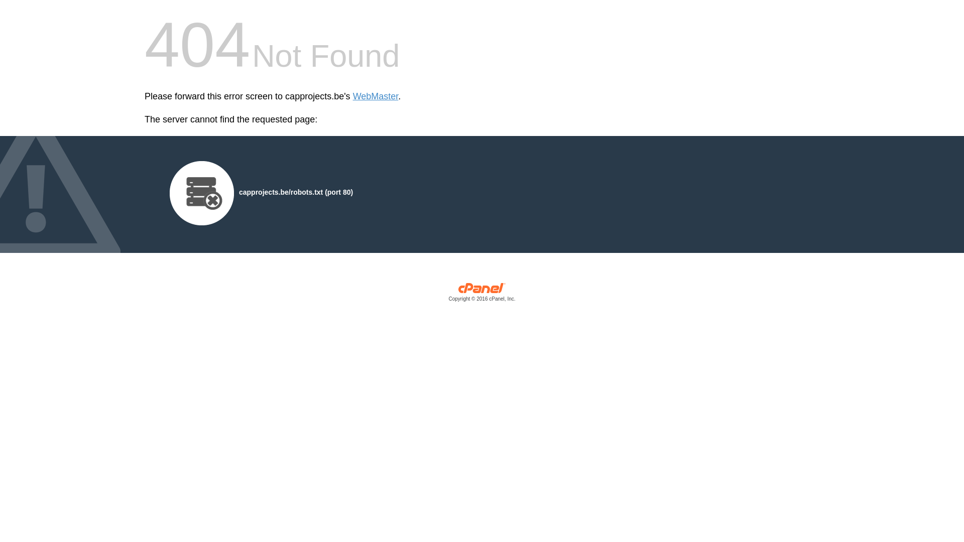 Image resolution: width=964 pixels, height=542 pixels. I want to click on 'WebMaster', so click(375, 96).